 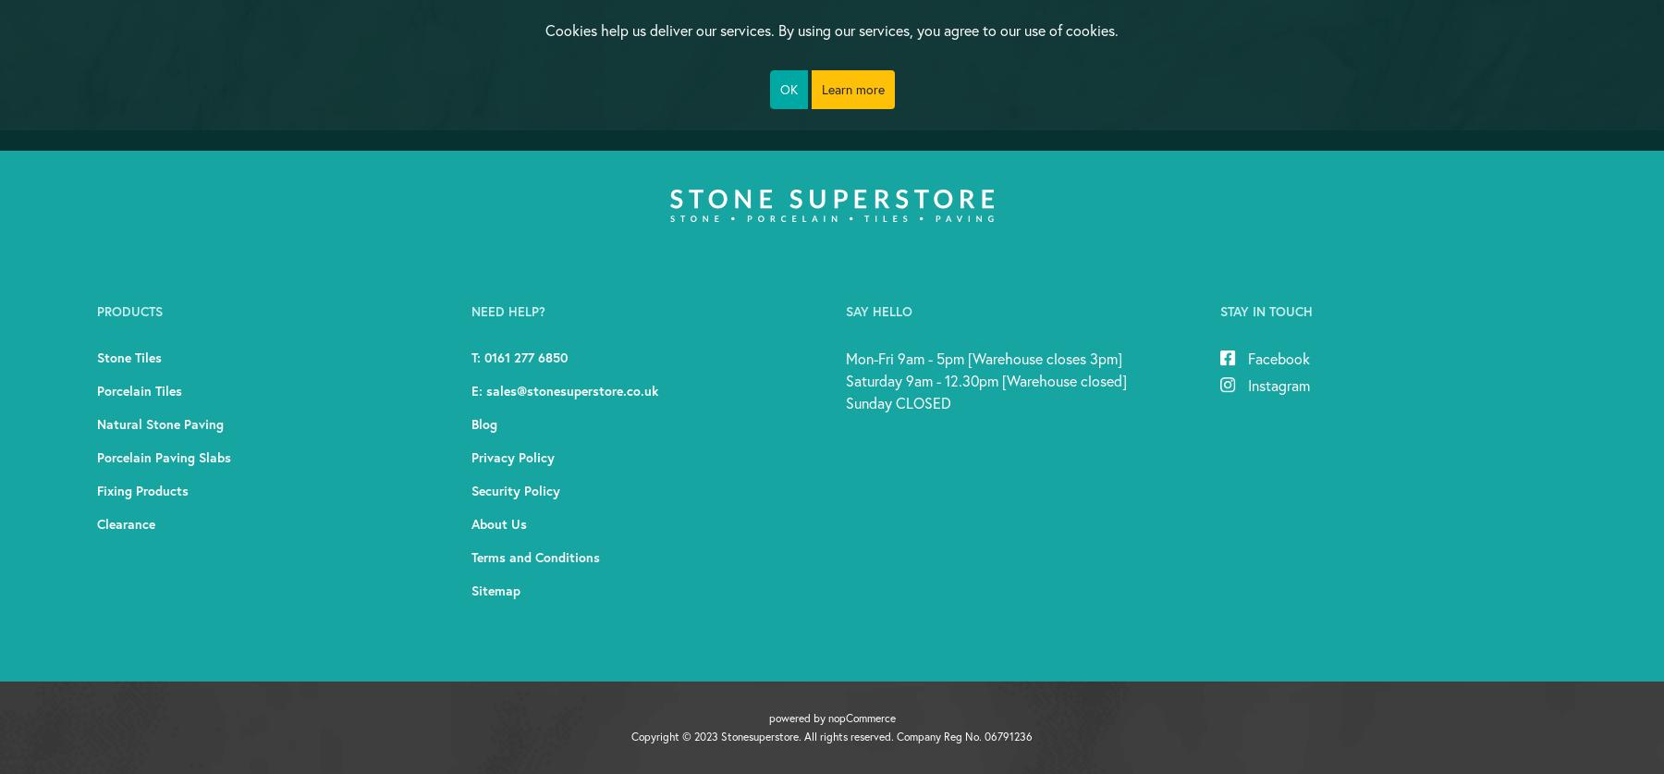 What do you see at coordinates (478, 388) in the screenshot?
I see `'E:'` at bounding box center [478, 388].